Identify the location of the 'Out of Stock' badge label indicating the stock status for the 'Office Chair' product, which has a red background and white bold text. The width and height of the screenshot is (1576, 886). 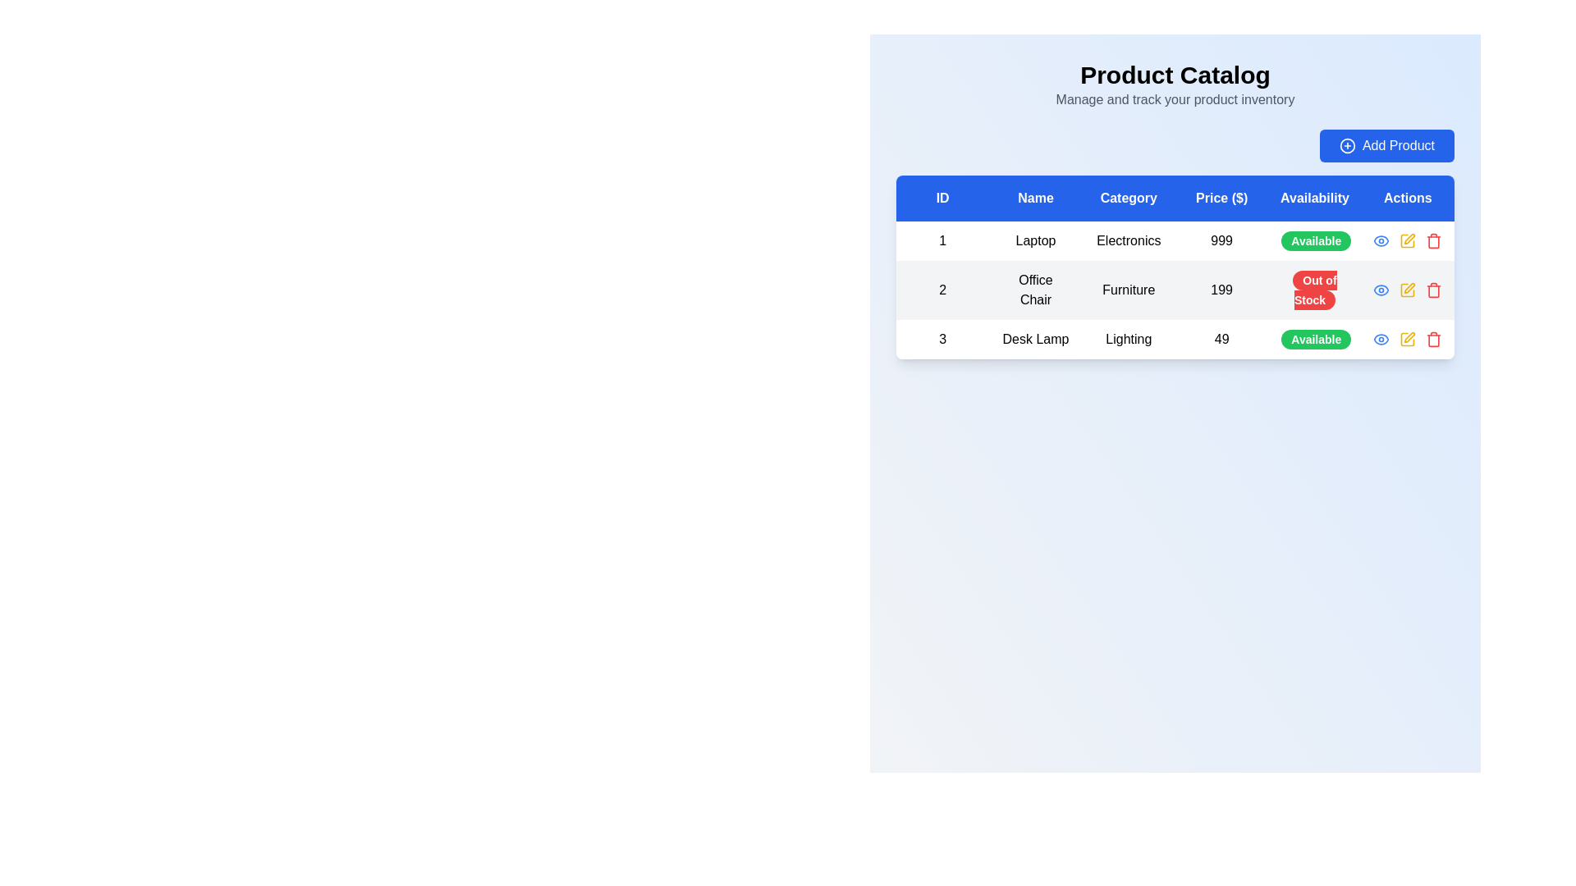
(1315, 290).